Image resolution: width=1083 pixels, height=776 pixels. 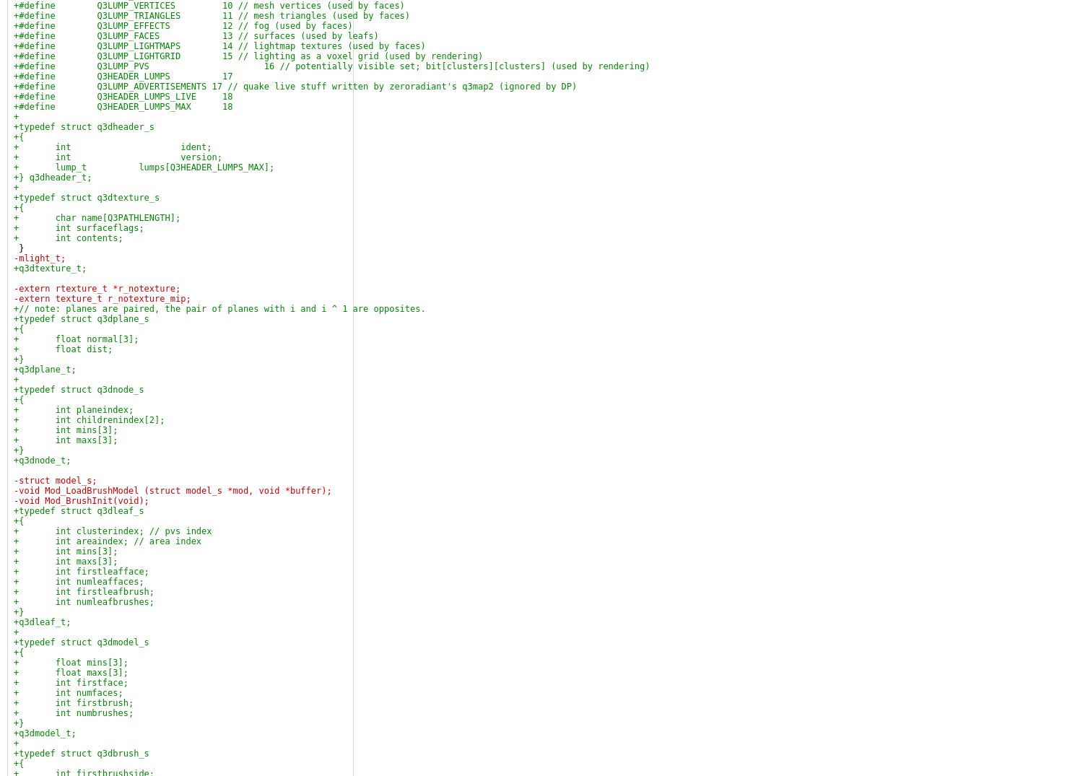 What do you see at coordinates (83, 591) in the screenshot?
I see `'+       int firstleafbrush;'` at bounding box center [83, 591].